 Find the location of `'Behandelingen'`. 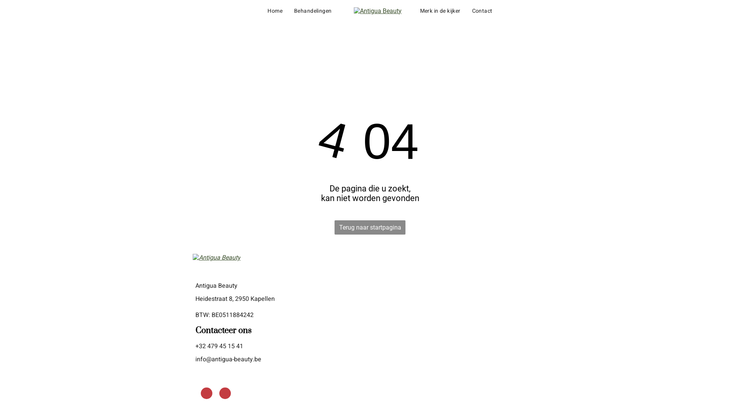

'Behandelingen' is located at coordinates (314, 11).